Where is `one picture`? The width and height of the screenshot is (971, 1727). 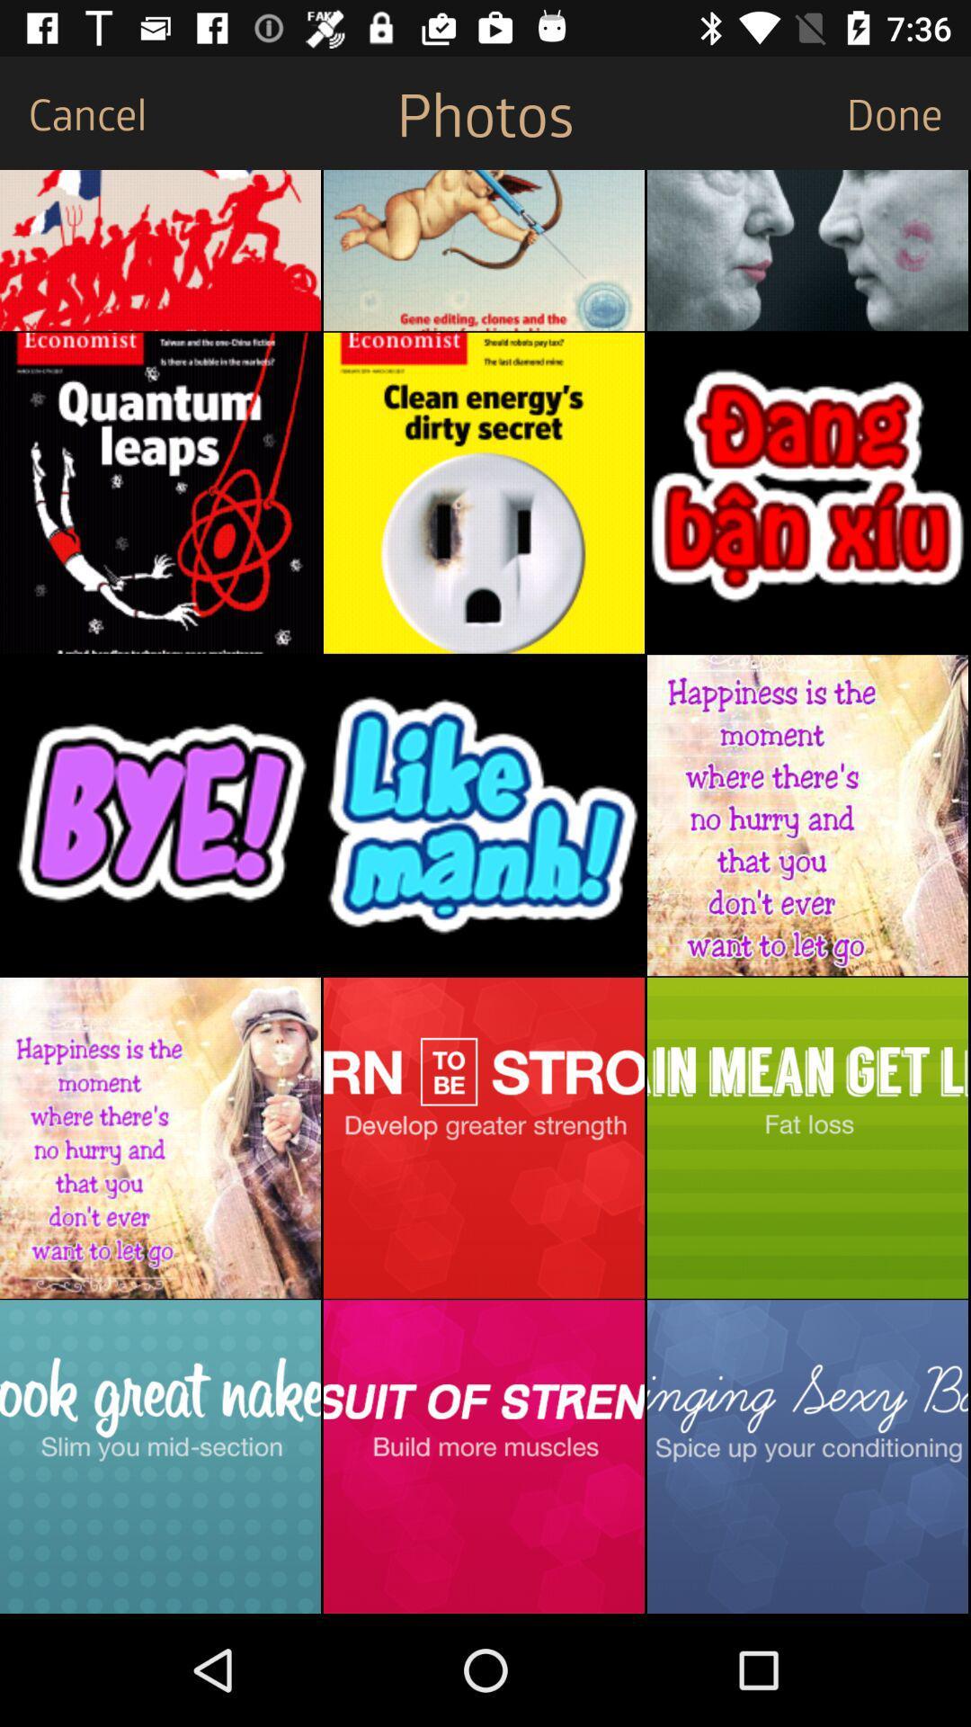
one picture is located at coordinates (159, 249).